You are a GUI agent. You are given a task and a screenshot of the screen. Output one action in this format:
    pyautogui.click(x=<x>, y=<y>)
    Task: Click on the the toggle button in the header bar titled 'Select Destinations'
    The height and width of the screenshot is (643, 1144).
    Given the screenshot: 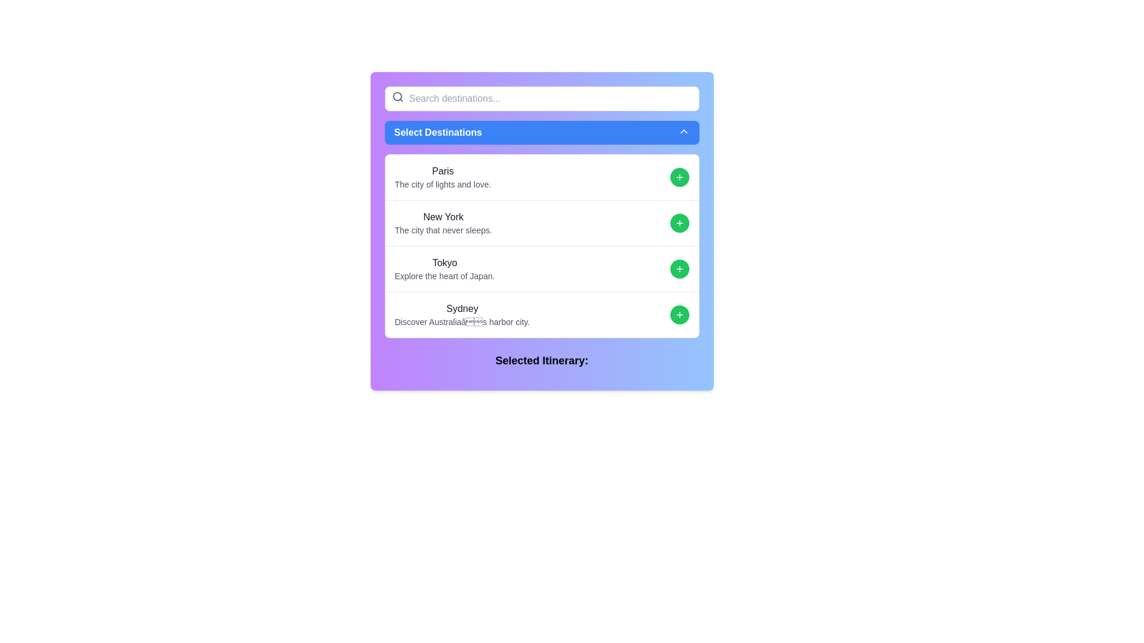 What is the action you would take?
    pyautogui.click(x=683, y=131)
    